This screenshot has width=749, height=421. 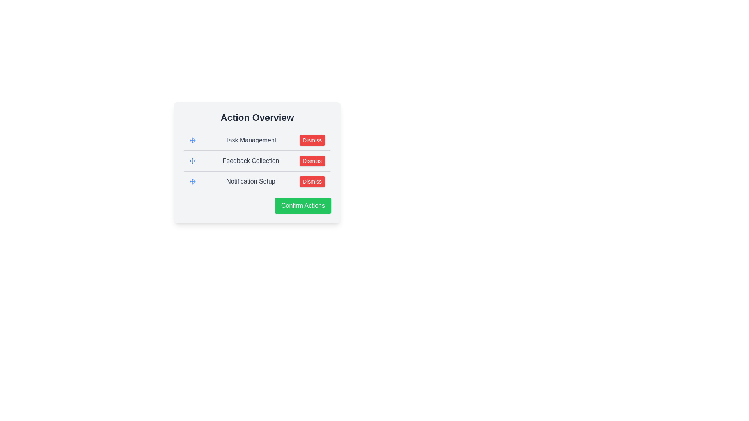 I want to click on the drag handle icon located to the left of the 'Notification Setup' text to observe further UI effects, so click(x=193, y=182).